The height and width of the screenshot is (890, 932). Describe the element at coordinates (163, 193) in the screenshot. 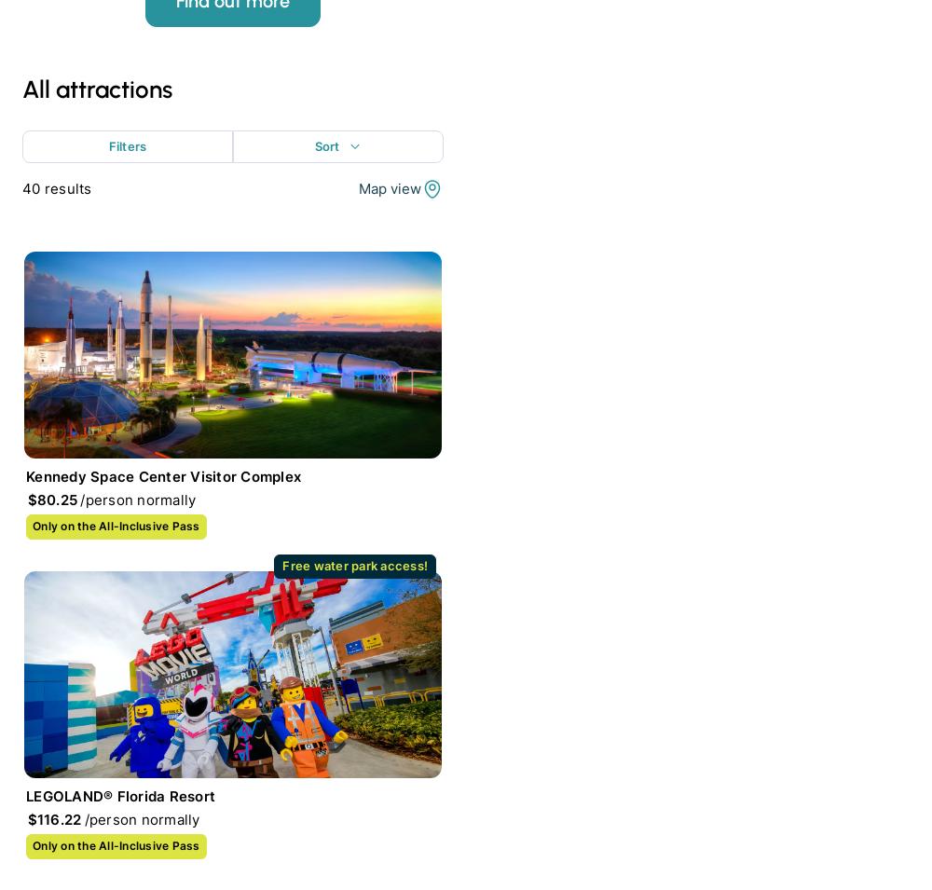

I see `'Have a 5% discount, on us!'` at that location.